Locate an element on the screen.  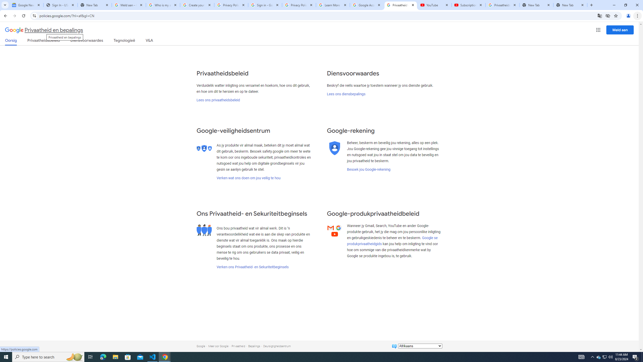
'Who is my administrator? - Google Account Help' is located at coordinates (163, 5).